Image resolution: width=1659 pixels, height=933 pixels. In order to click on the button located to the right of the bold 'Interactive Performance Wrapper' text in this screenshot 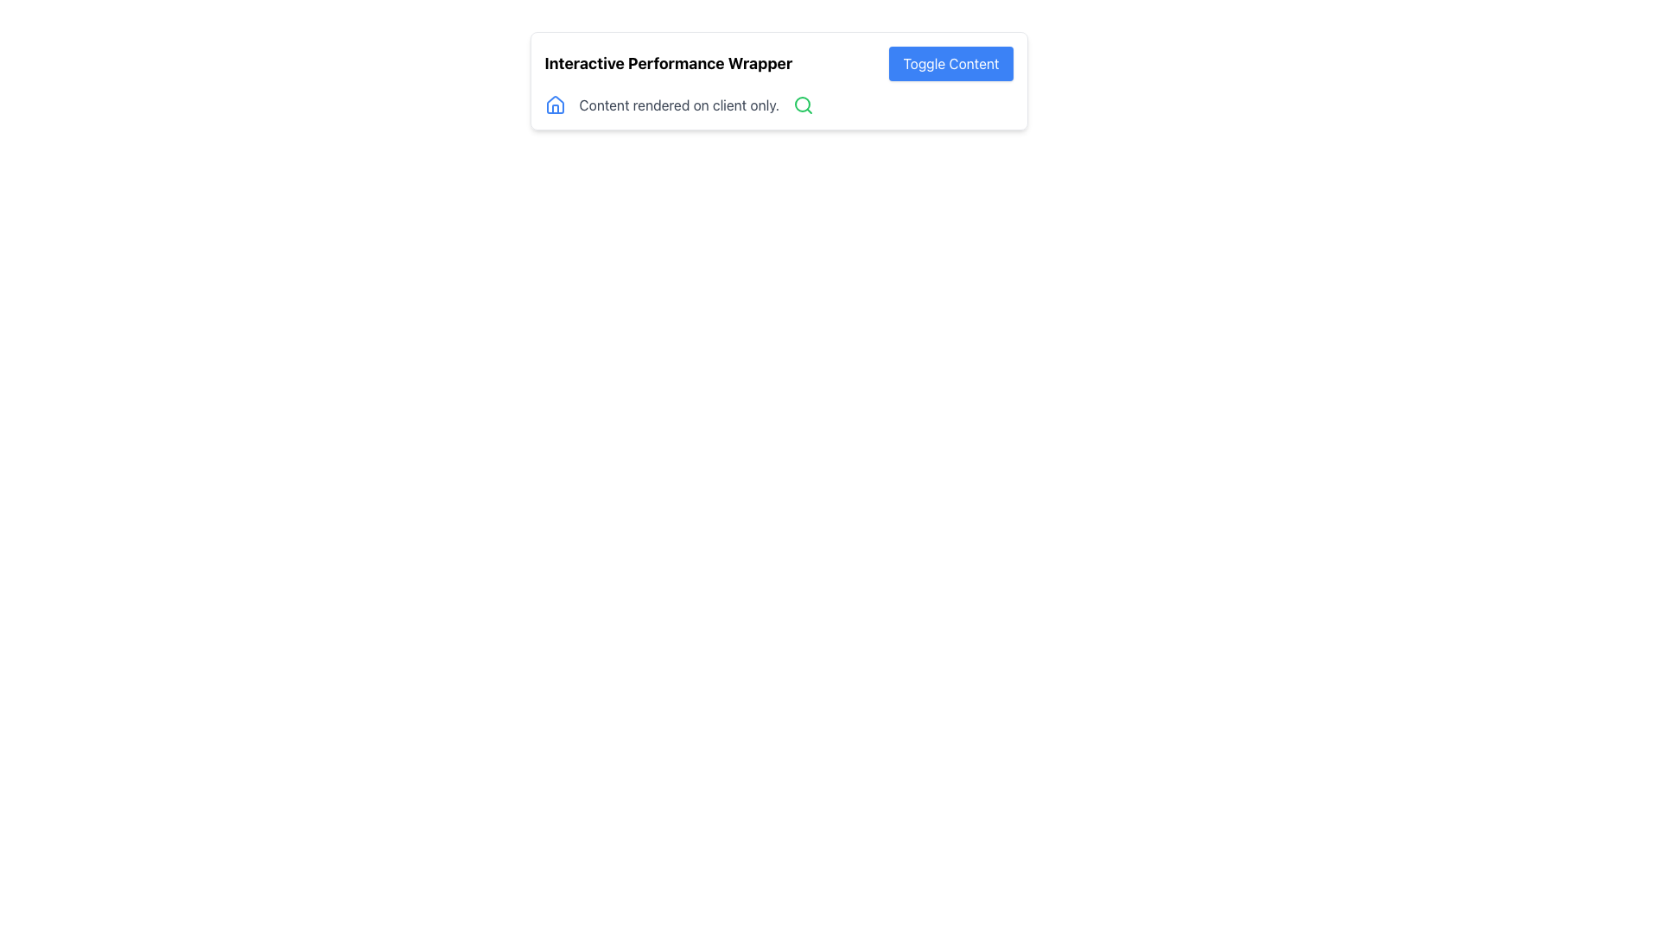, I will do `click(950, 62)`.